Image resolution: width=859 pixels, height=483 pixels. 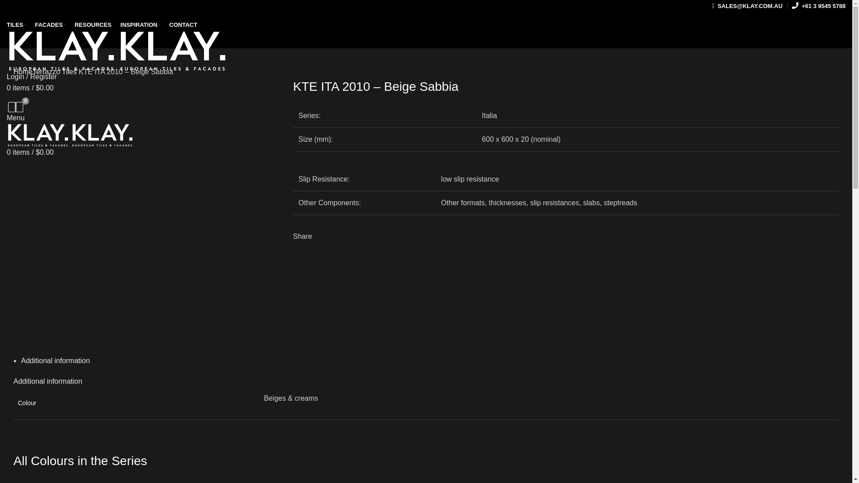 What do you see at coordinates (747, 6) in the screenshot?
I see `'SALES@KLAY.COM.AU'` at bounding box center [747, 6].